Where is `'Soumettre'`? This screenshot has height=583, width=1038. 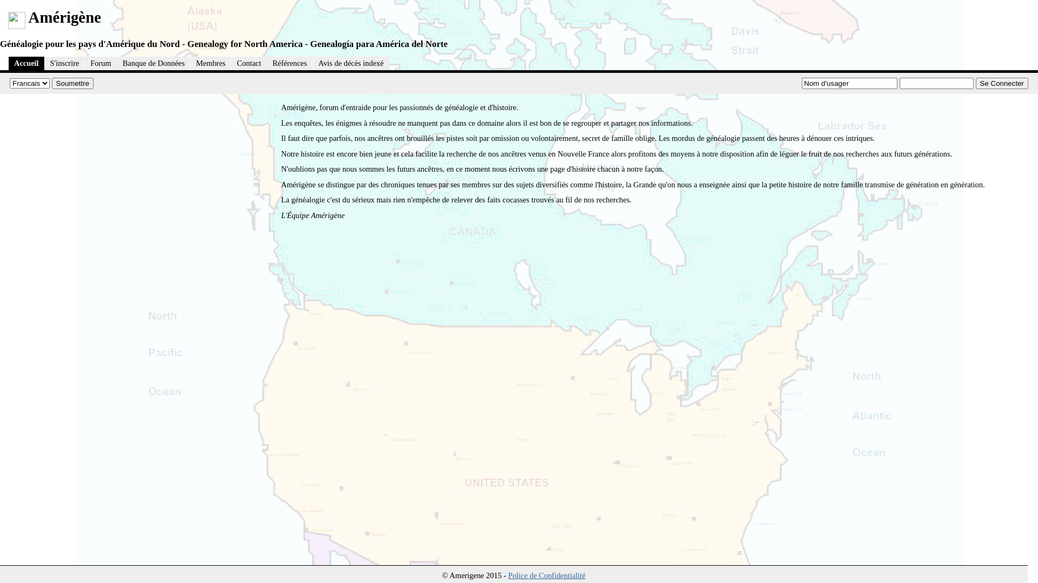 'Soumettre' is located at coordinates (72, 83).